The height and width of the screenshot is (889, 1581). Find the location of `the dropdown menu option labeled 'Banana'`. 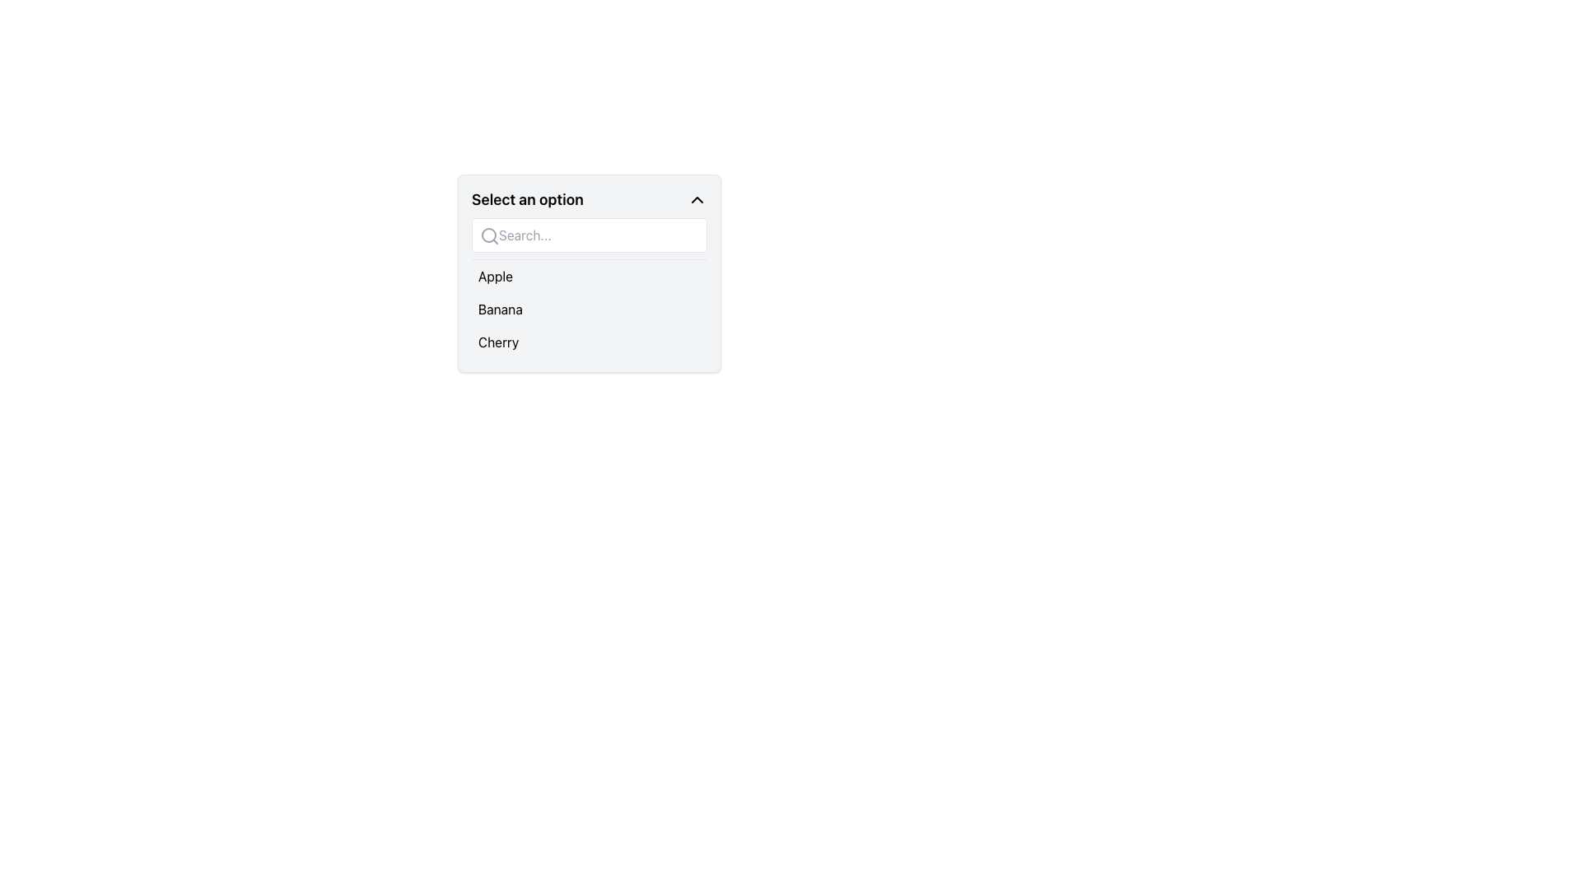

the dropdown menu option labeled 'Banana' is located at coordinates (589, 309).